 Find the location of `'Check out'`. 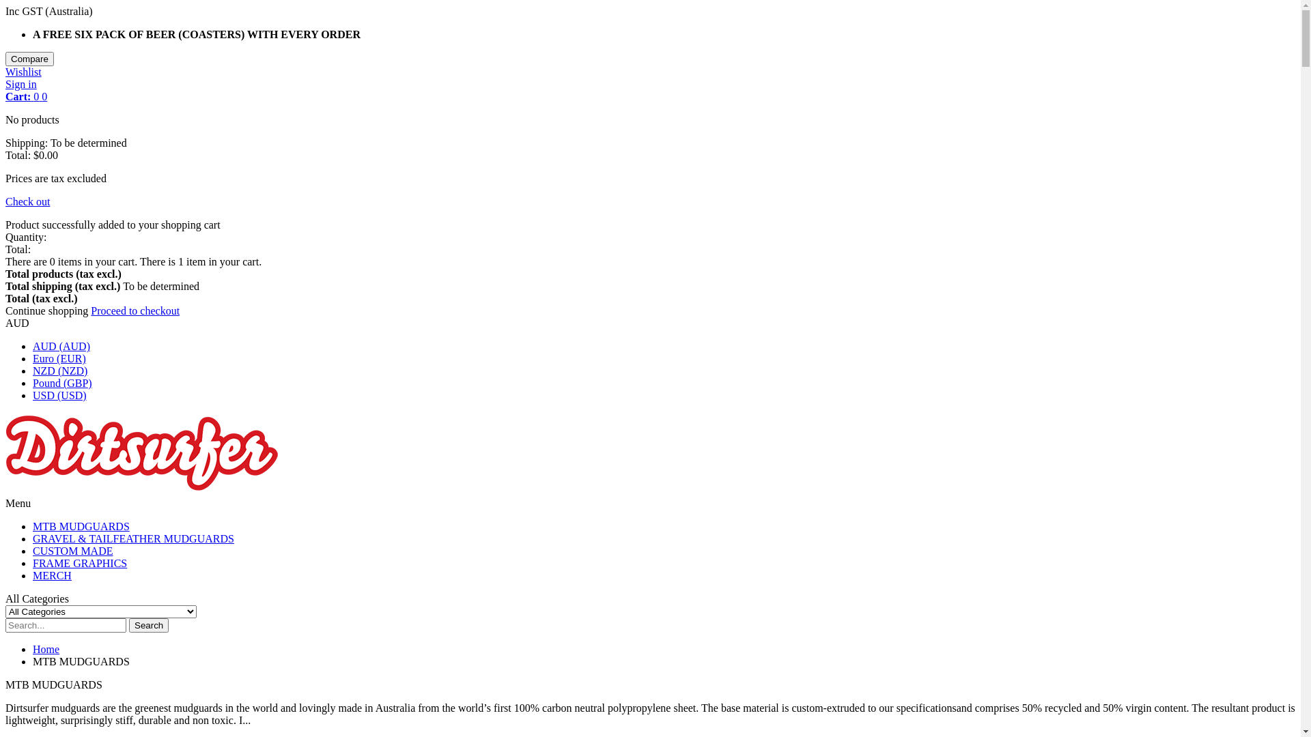

'Check out' is located at coordinates (5, 201).